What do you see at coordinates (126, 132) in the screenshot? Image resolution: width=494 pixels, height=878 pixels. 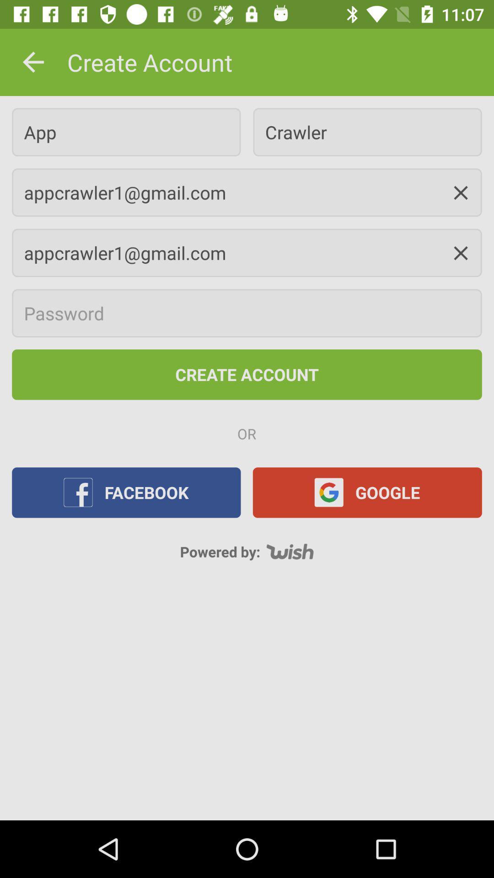 I see `app icon` at bounding box center [126, 132].